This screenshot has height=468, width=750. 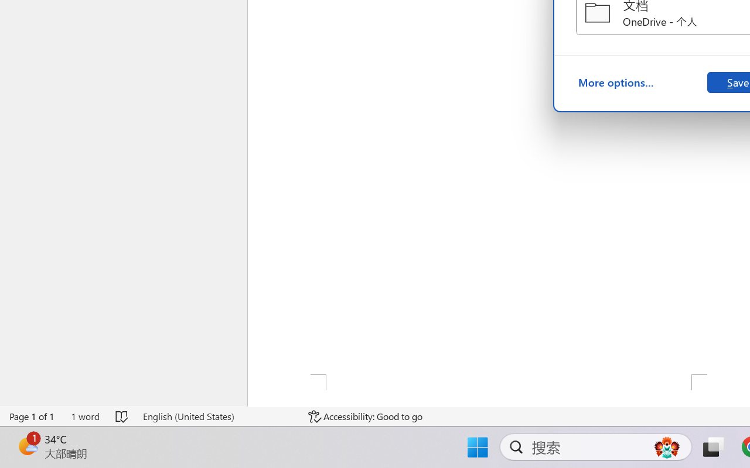 I want to click on 'Spelling and Grammar Check No Errors', so click(x=122, y=416).